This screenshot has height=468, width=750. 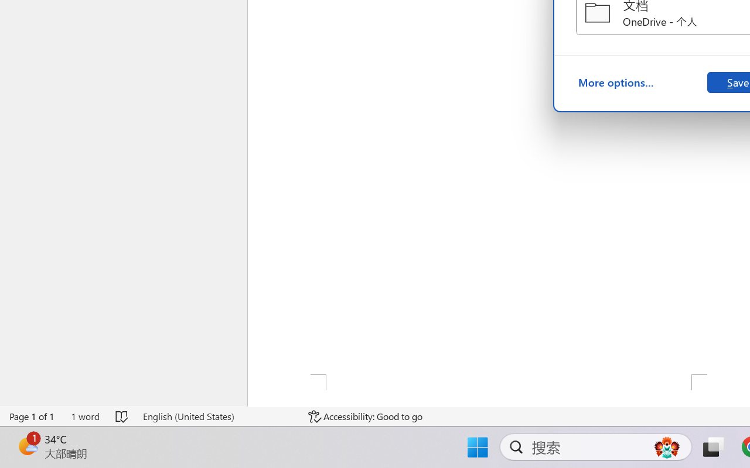 I want to click on 'Spelling and Grammar Check No Errors', so click(x=122, y=416).